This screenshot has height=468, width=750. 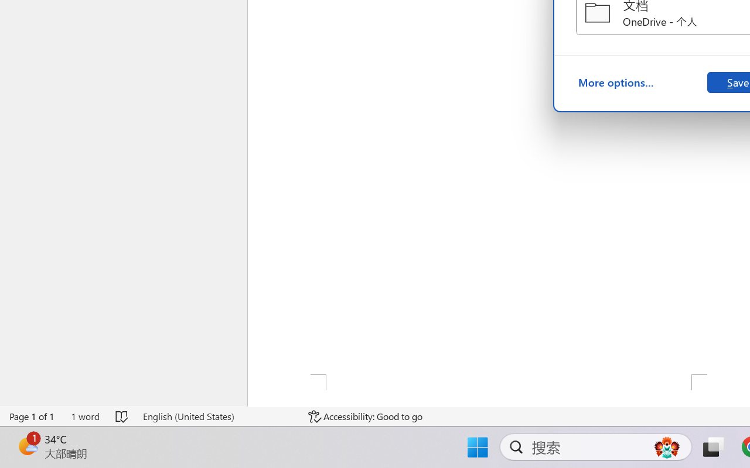 I want to click on 'Spelling and Grammar Check No Errors', so click(x=122, y=416).